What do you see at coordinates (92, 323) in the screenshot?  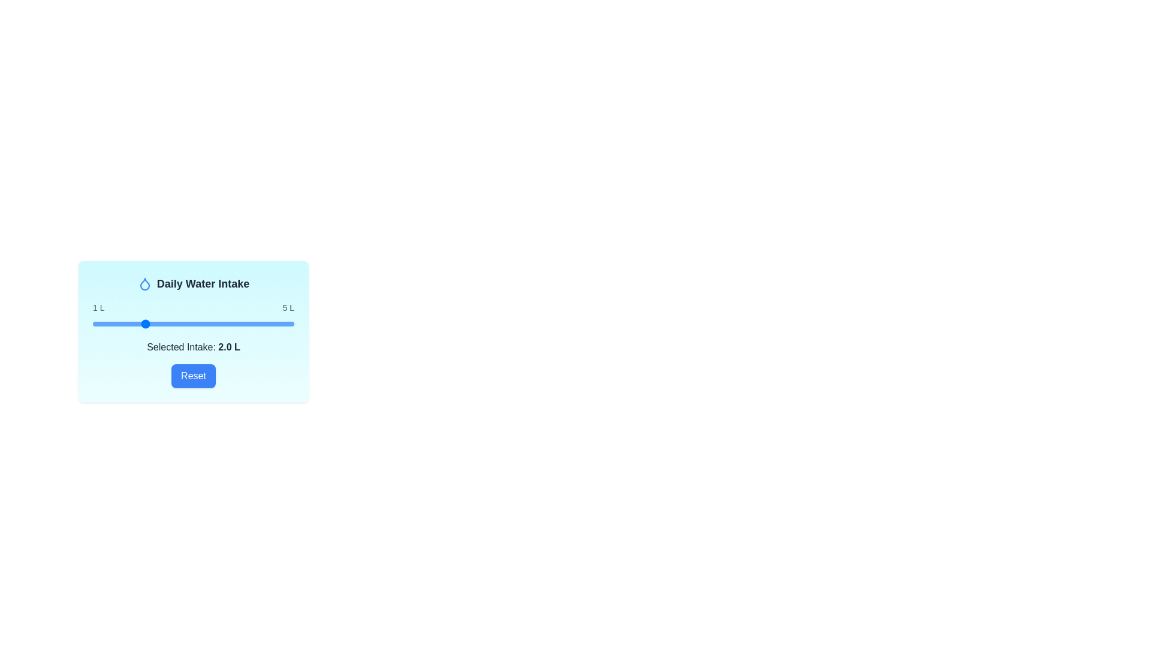 I see `the water intake slider to 1 liters` at bounding box center [92, 323].